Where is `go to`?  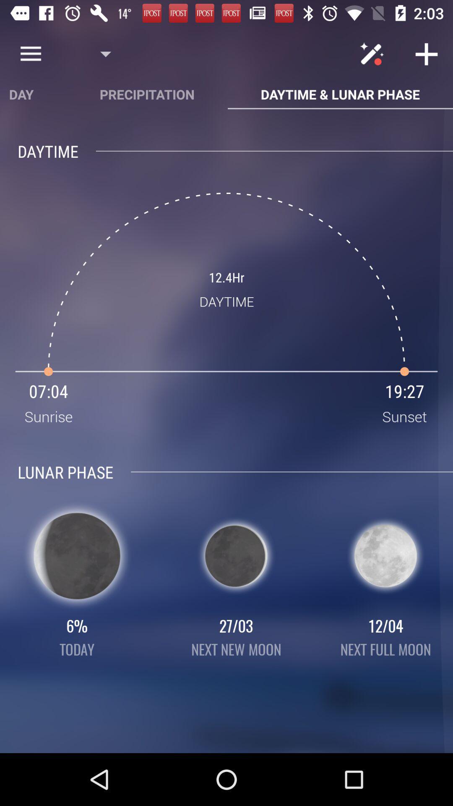 go to is located at coordinates (427, 53).